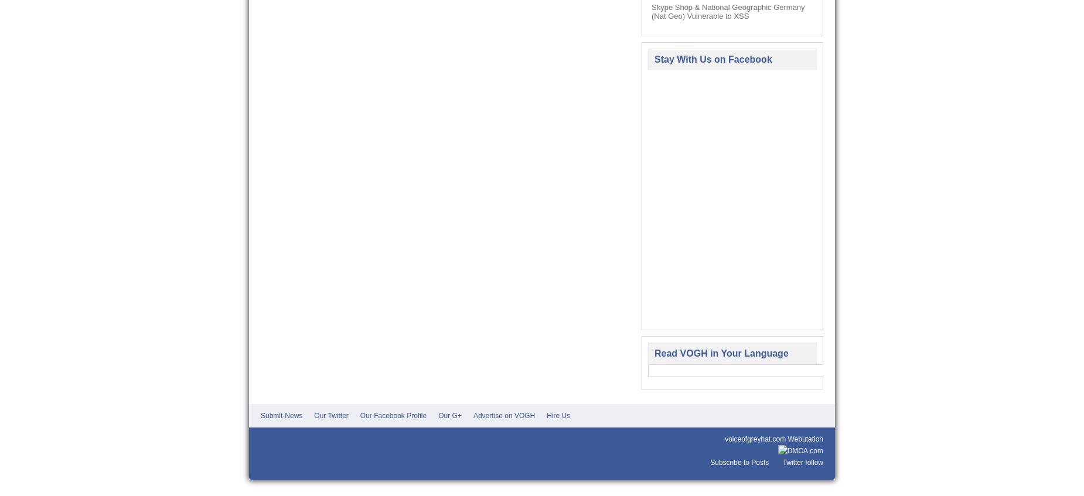  What do you see at coordinates (773, 439) in the screenshot?
I see `'voiceofgreyhat.com Webutation'` at bounding box center [773, 439].